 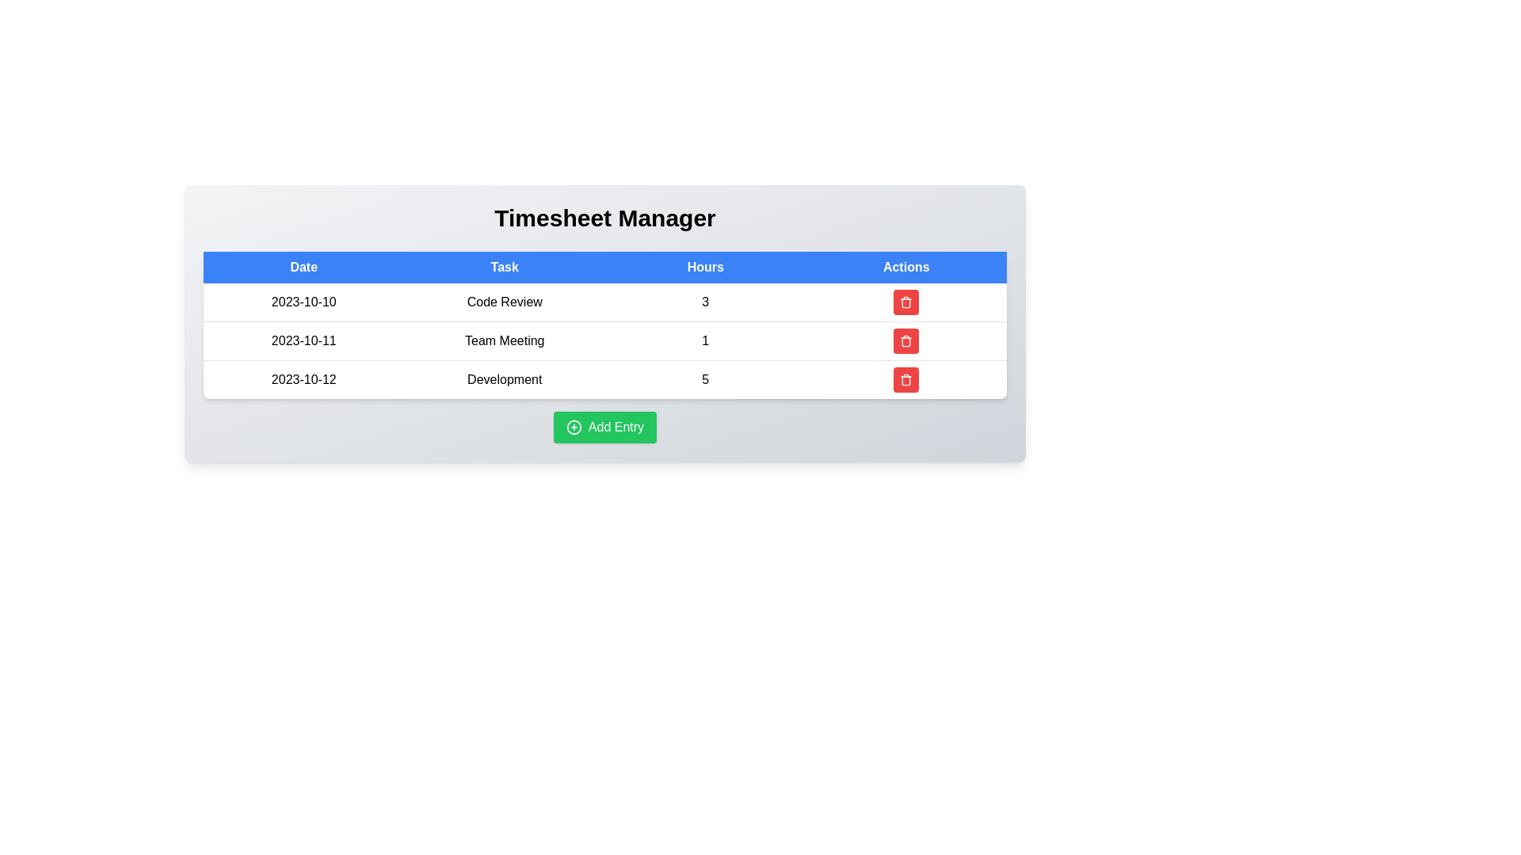 What do you see at coordinates (906, 379) in the screenshot?
I see `the delete button located in the 'Actions' column of the table's bottom row for the entry dated '2023-10-12 Development' to trigger the hover effect` at bounding box center [906, 379].